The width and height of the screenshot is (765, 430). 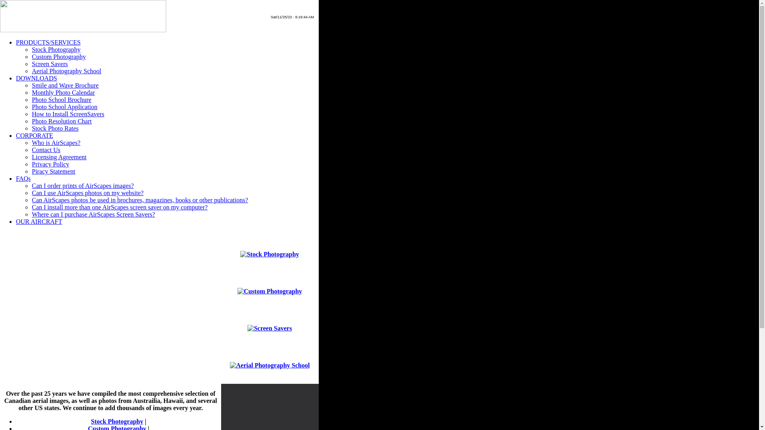 I want to click on 'Contact Us', so click(x=45, y=150).